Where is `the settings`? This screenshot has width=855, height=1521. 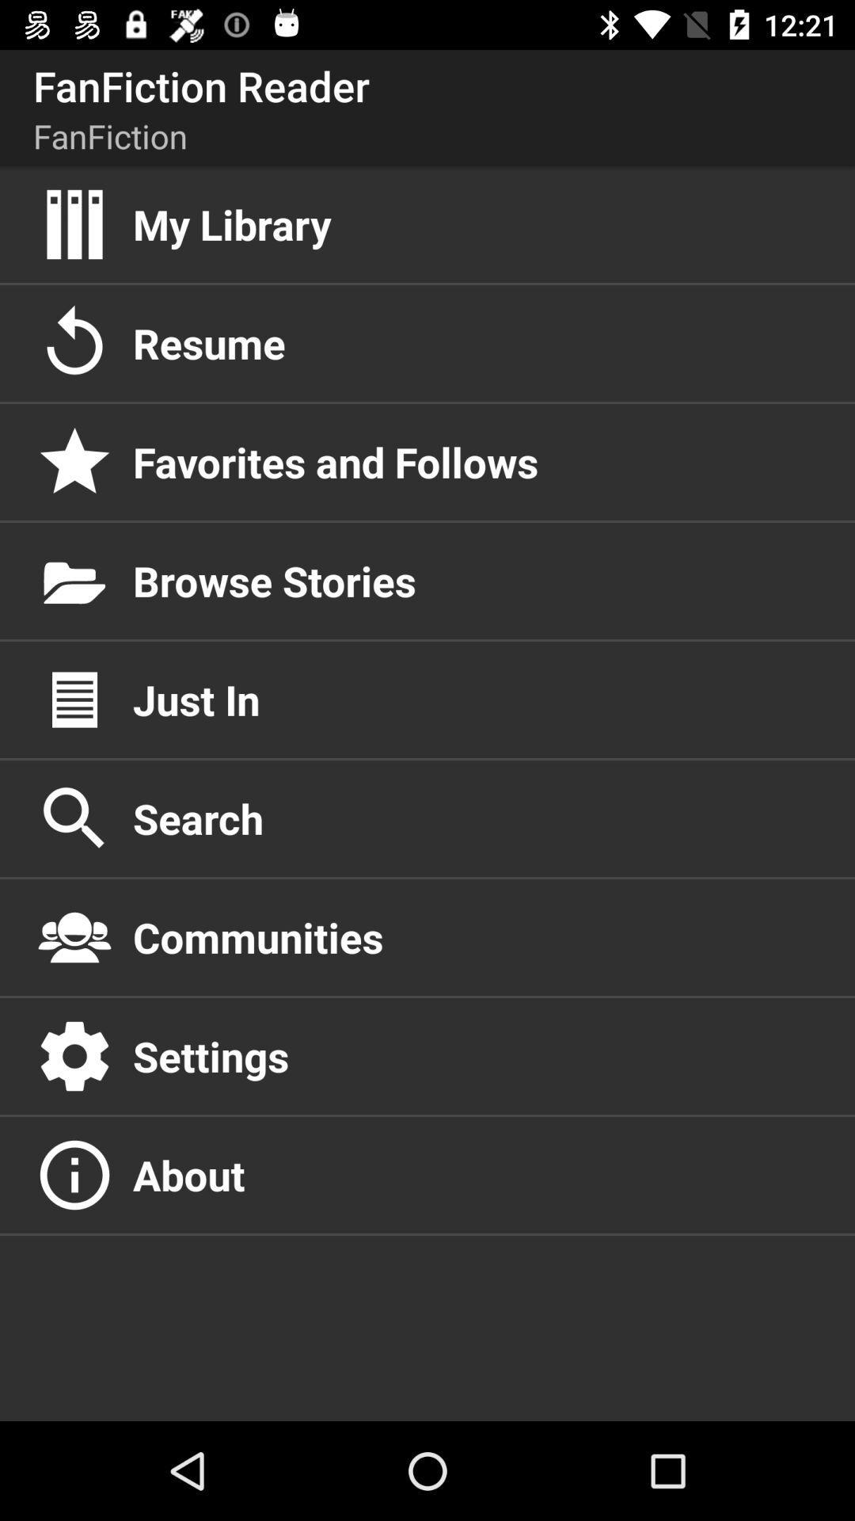 the settings is located at coordinates (476, 1056).